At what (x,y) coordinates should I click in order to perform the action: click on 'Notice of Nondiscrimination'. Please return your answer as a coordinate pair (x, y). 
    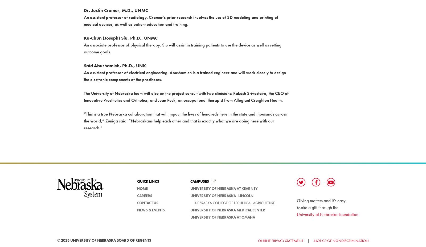
    Looking at the image, I should click on (341, 241).